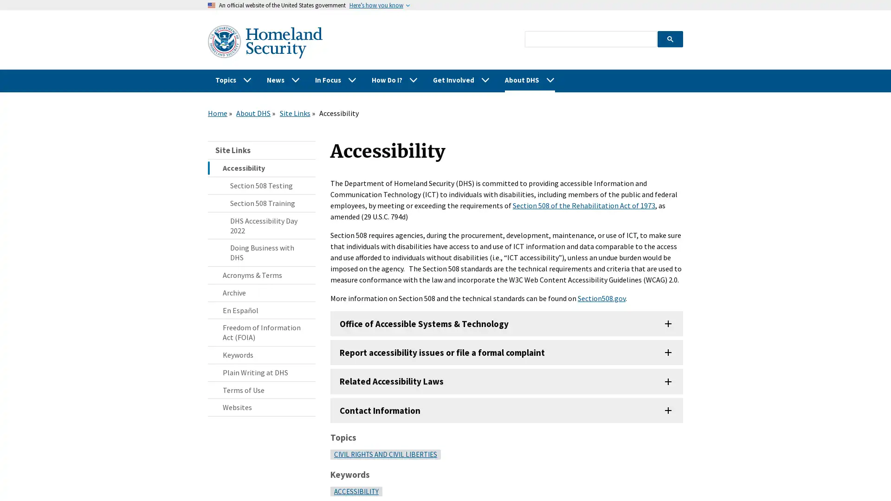 This screenshot has width=891, height=501. I want to click on How Do I?, so click(394, 79).